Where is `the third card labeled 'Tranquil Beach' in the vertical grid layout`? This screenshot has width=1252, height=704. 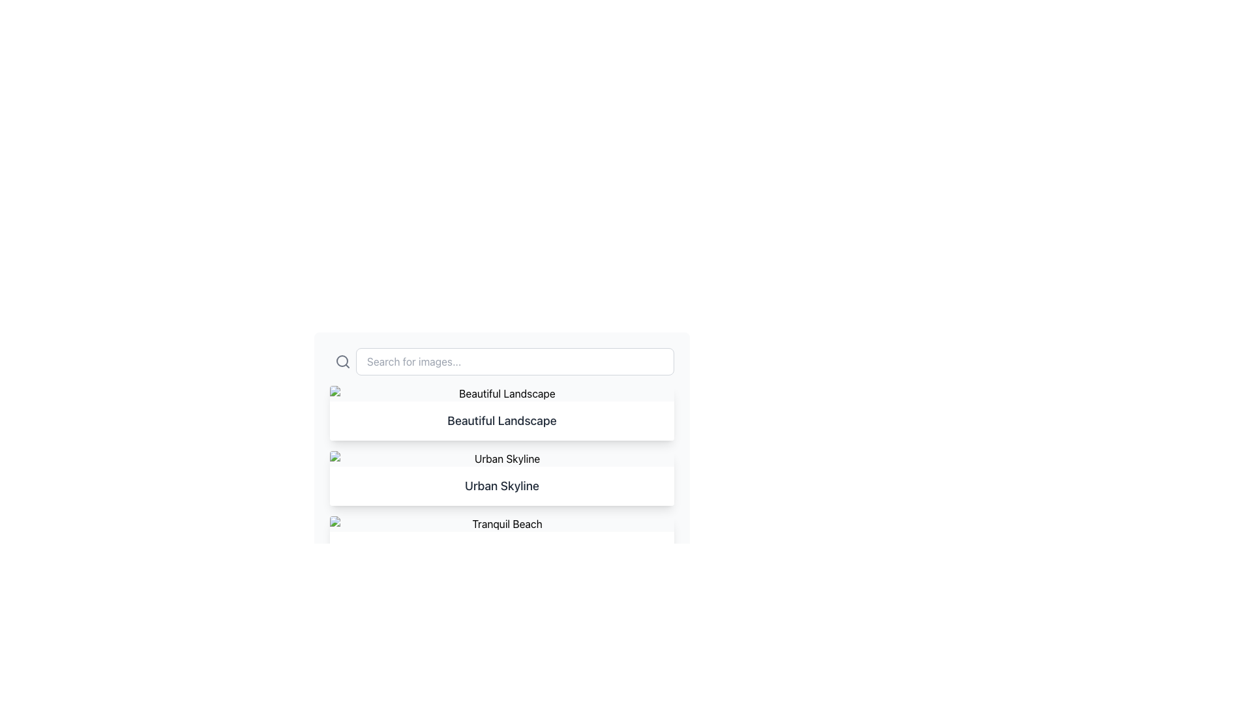 the third card labeled 'Tranquil Beach' in the vertical grid layout is located at coordinates (501, 543).